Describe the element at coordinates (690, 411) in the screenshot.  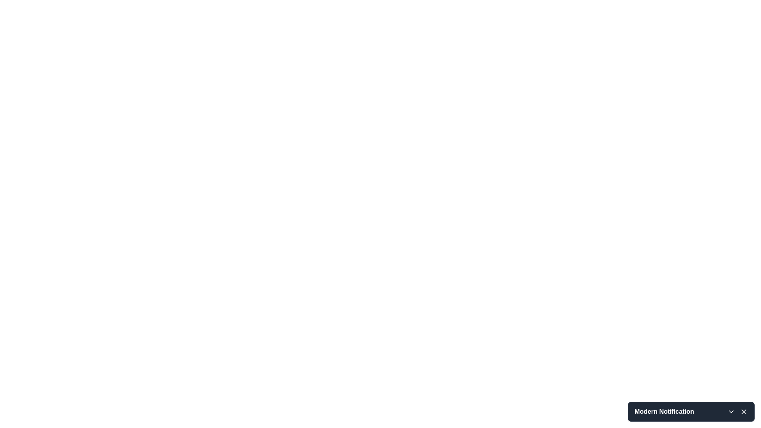
I see `the 'Modern Notification' text in the Notification header to possibly see additional tooltips` at that location.